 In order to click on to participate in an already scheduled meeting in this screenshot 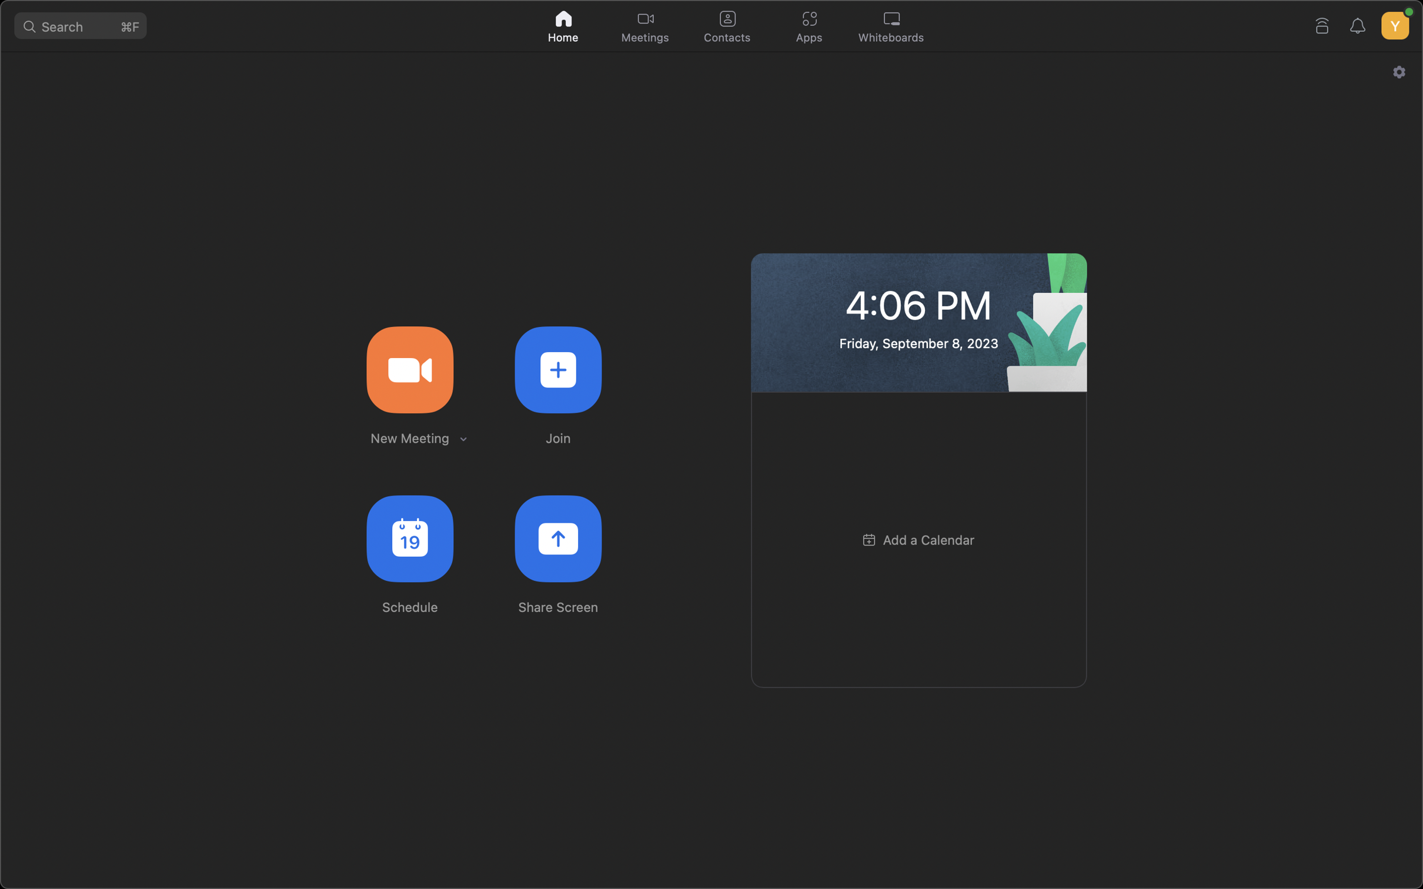, I will do `click(557, 368)`.